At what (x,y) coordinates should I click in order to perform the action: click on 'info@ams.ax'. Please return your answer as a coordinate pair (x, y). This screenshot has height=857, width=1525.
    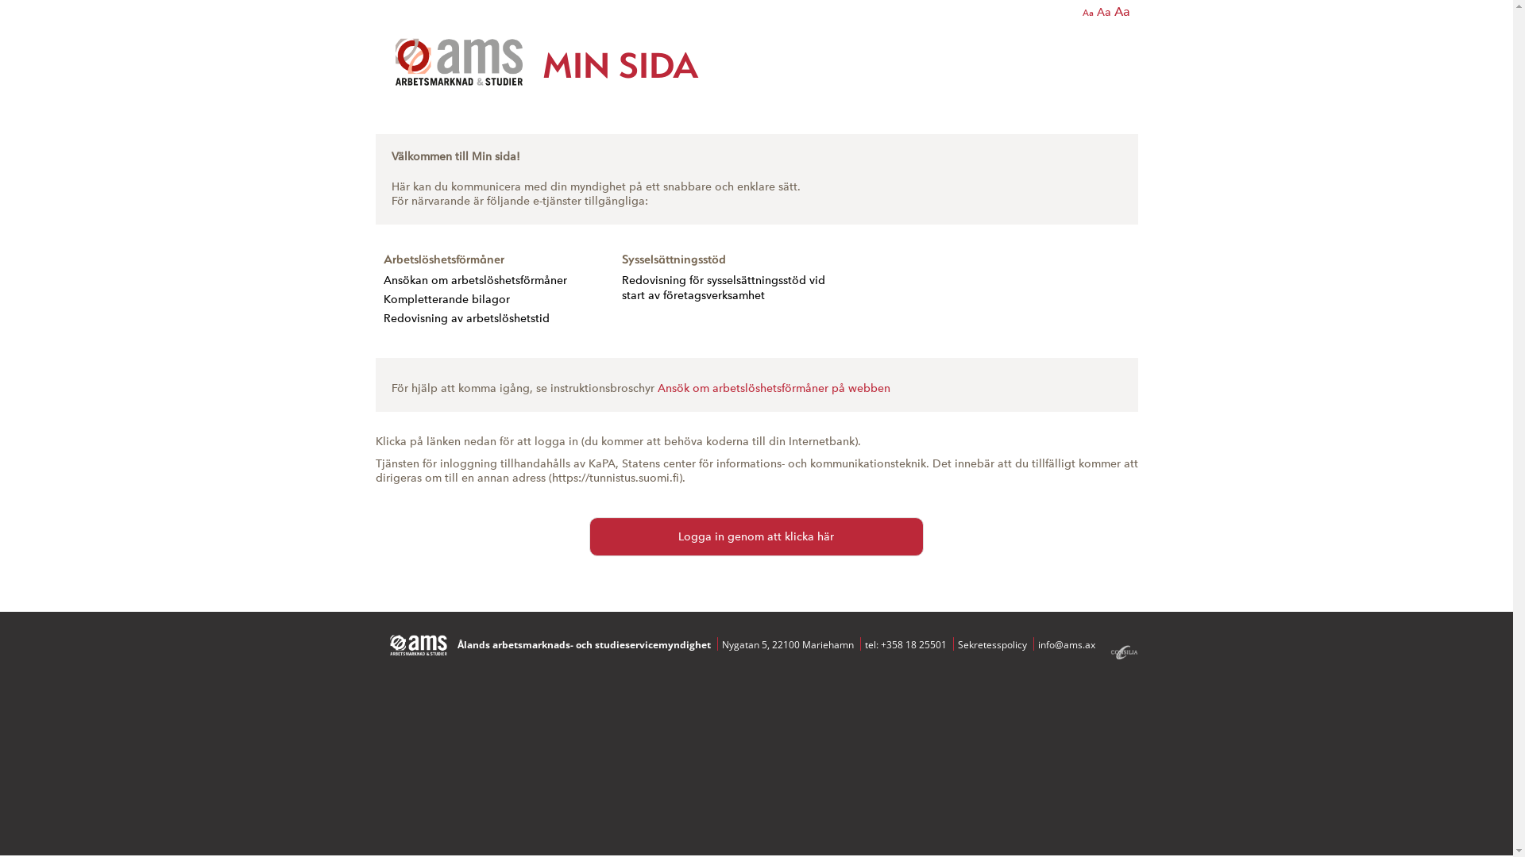
    Looking at the image, I should click on (1067, 644).